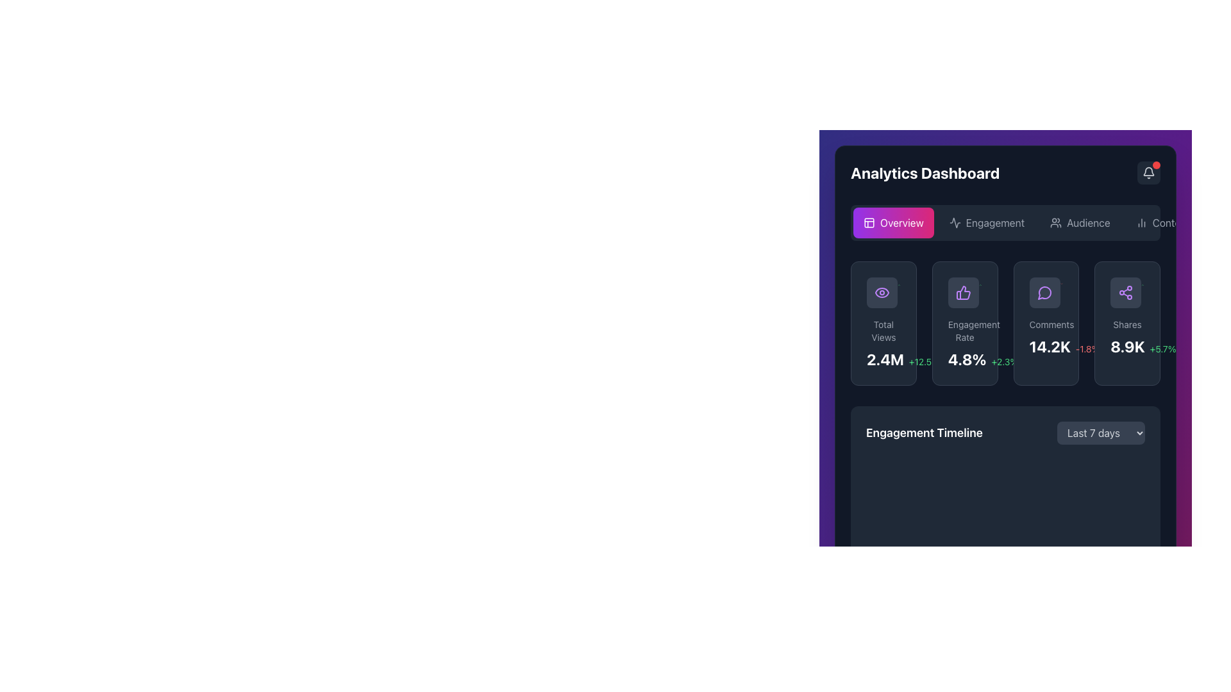  What do you see at coordinates (1050, 346) in the screenshot?
I see `the Text Label displaying the total number of comments located in the center of the 'Comments' card in the Analytics Dashboard` at bounding box center [1050, 346].